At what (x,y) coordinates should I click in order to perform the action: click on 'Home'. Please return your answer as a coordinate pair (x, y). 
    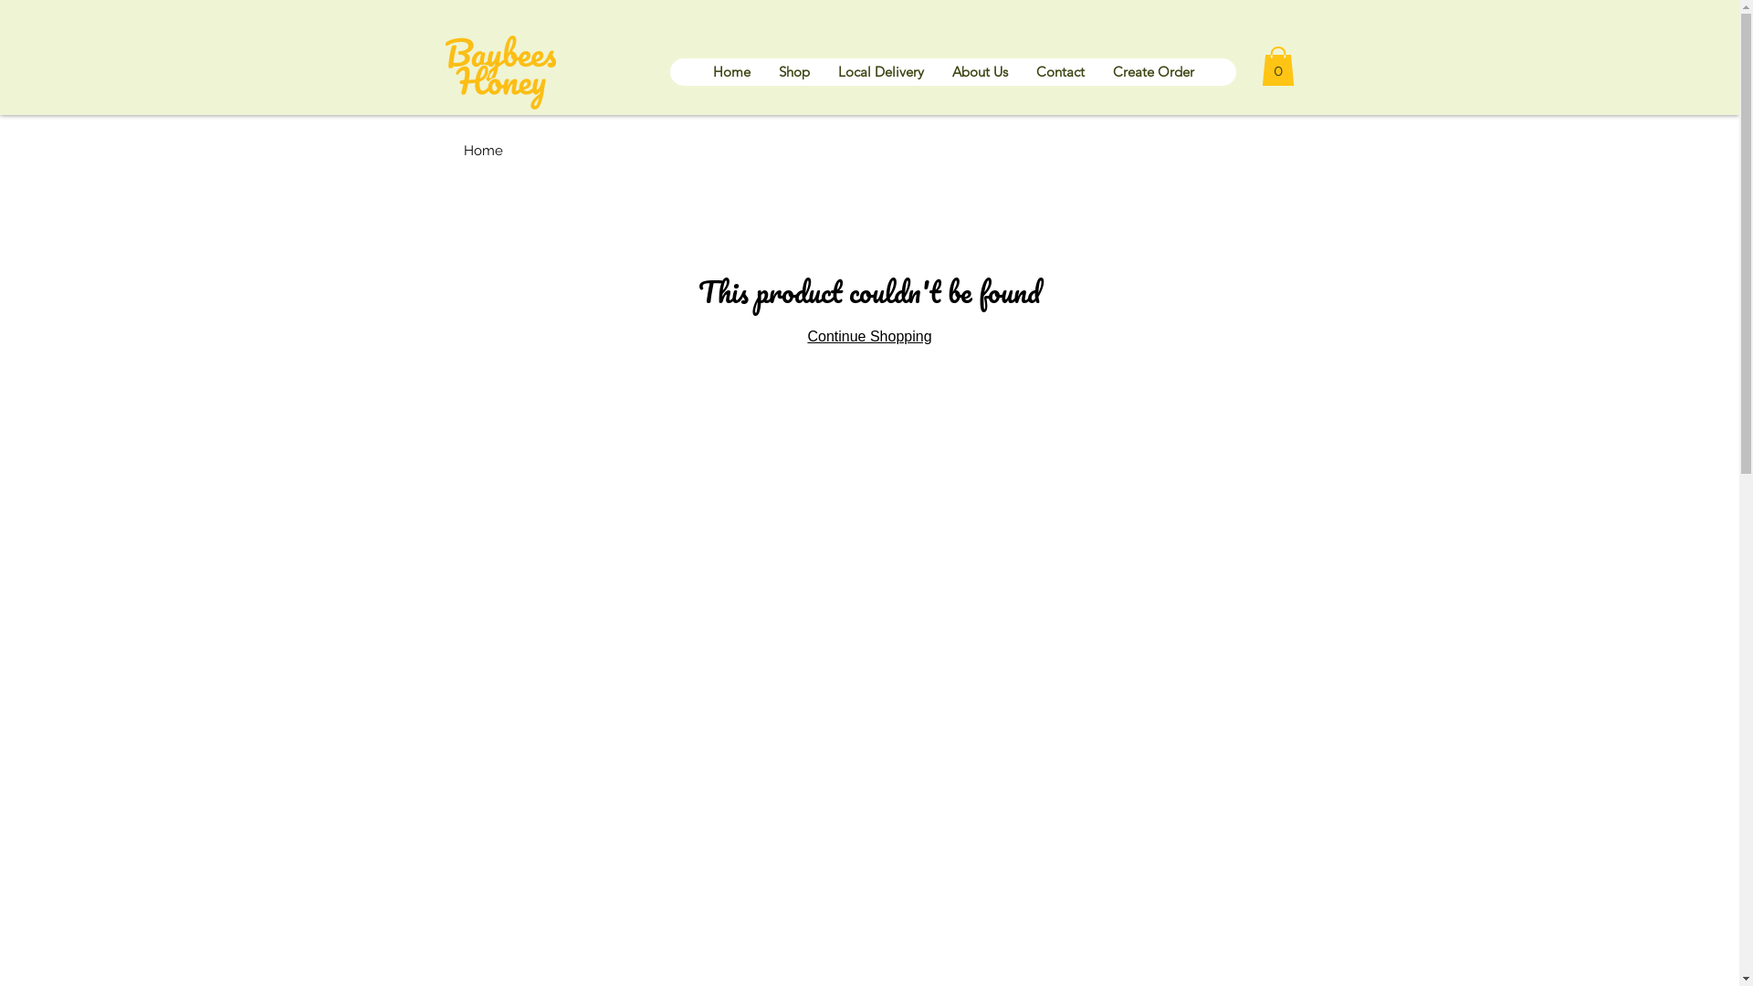
    Looking at the image, I should click on (730, 70).